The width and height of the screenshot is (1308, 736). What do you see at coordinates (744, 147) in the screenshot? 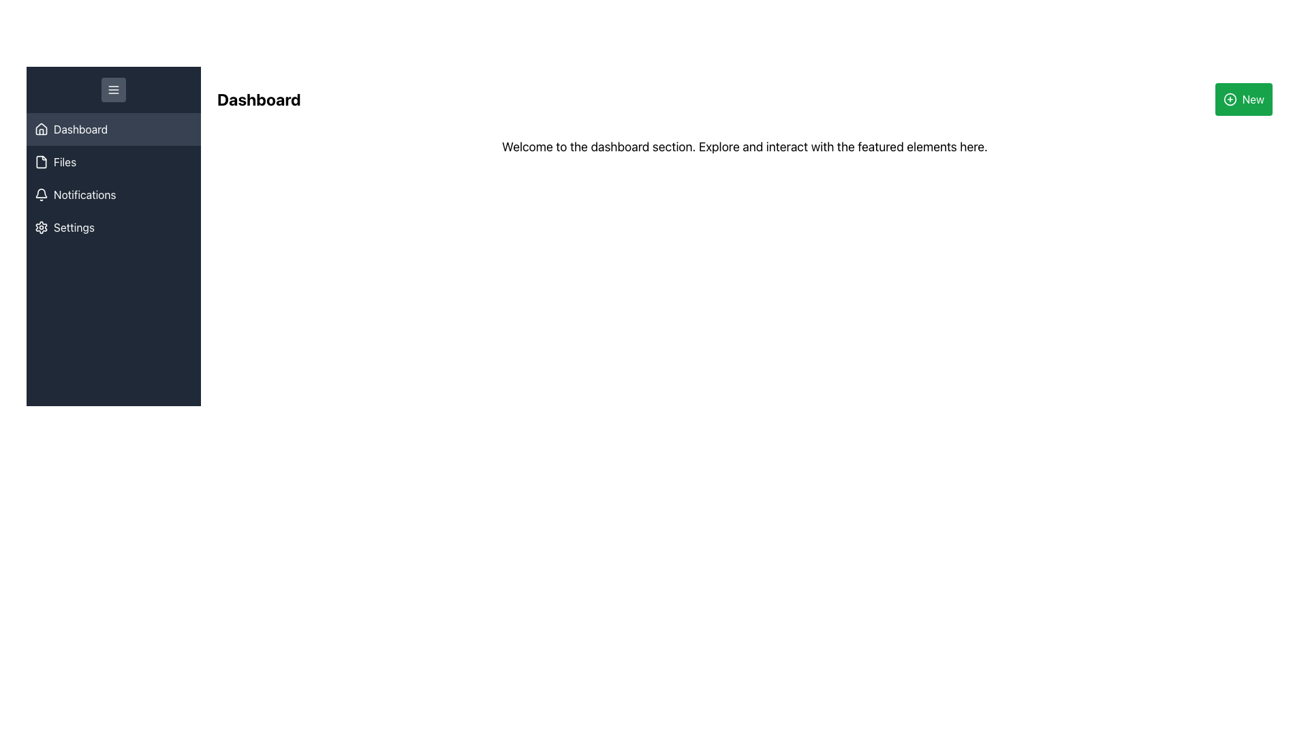
I see `the introductory message text block located below the header section of the dashboard` at bounding box center [744, 147].